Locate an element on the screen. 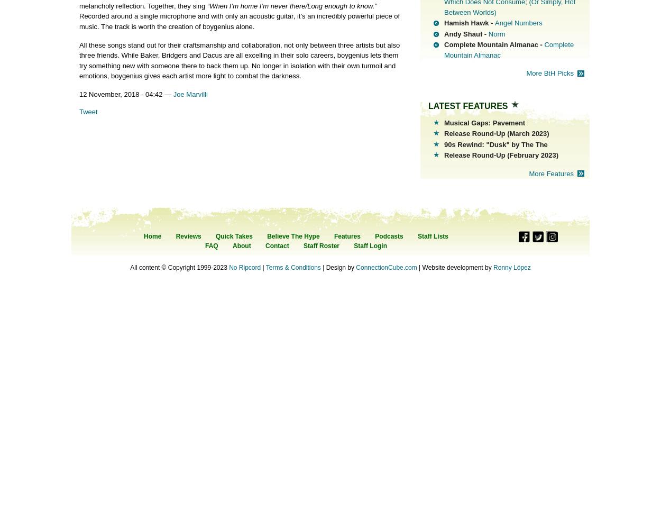 The image size is (661, 529). 'More BtH Picks' is located at coordinates (526, 73).